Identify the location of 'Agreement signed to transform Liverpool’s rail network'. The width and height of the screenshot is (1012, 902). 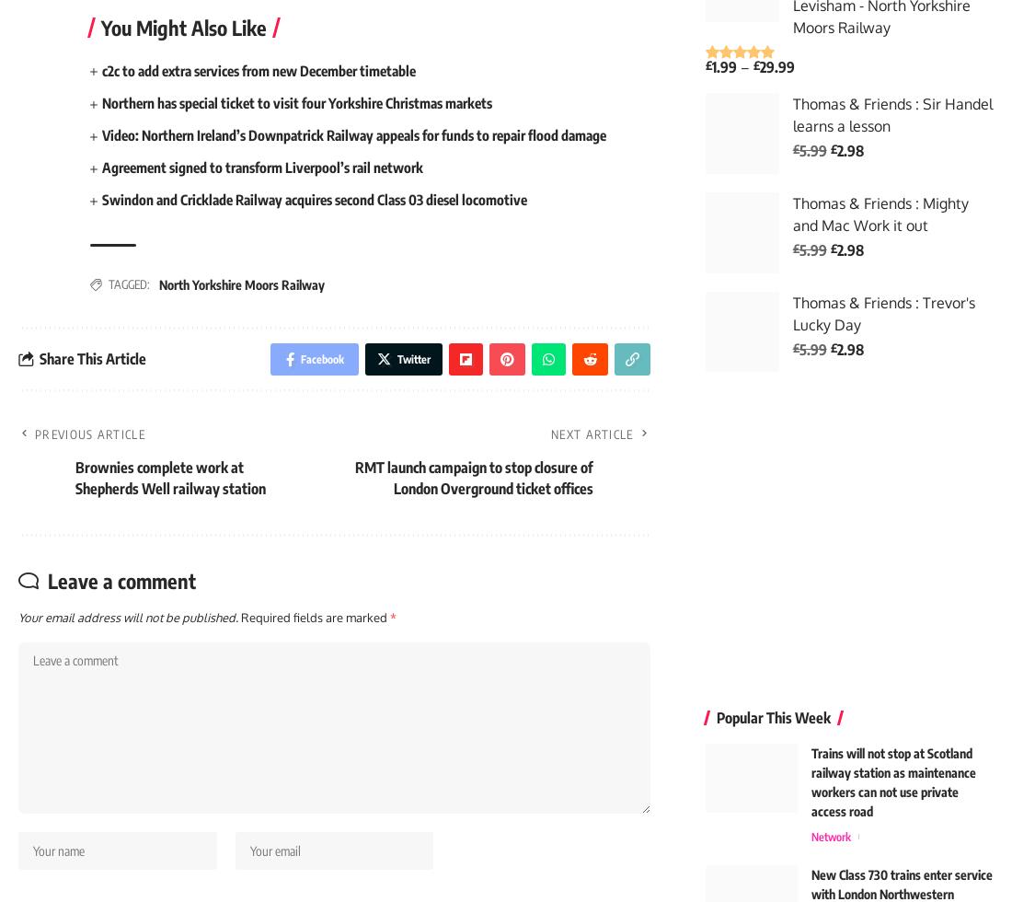
(271, 171).